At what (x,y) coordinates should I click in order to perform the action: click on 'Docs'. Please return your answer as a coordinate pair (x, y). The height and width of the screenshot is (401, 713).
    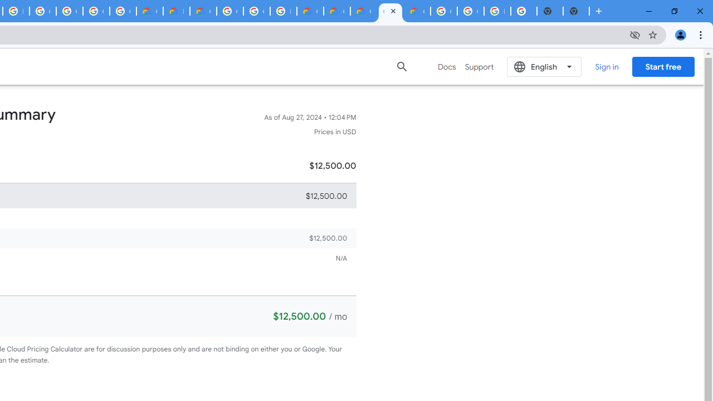
    Looking at the image, I should click on (447, 66).